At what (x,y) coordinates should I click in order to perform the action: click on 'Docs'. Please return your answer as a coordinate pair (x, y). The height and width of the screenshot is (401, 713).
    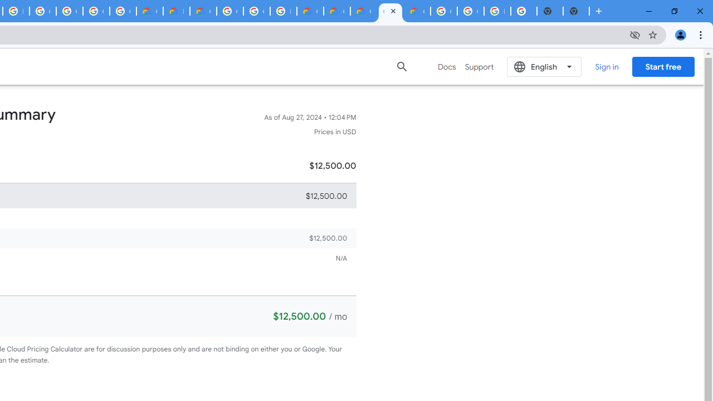
    Looking at the image, I should click on (447, 66).